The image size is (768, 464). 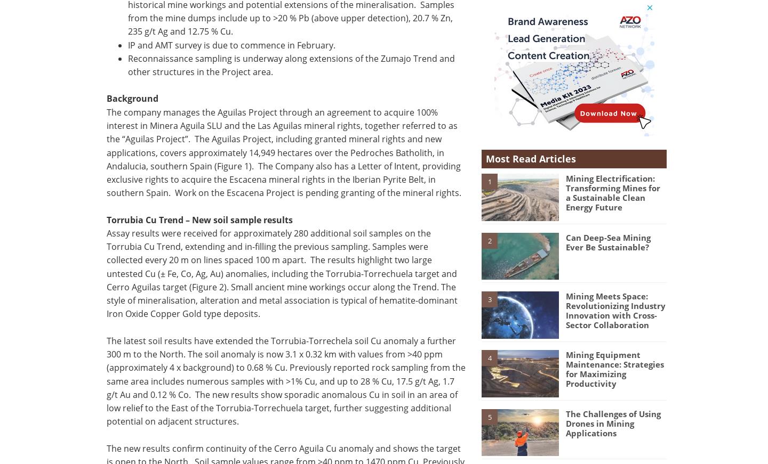 I want to click on 'Mining Electrification: Transforming Mines for a Sustainable Clean Energy Future', so click(x=612, y=192).